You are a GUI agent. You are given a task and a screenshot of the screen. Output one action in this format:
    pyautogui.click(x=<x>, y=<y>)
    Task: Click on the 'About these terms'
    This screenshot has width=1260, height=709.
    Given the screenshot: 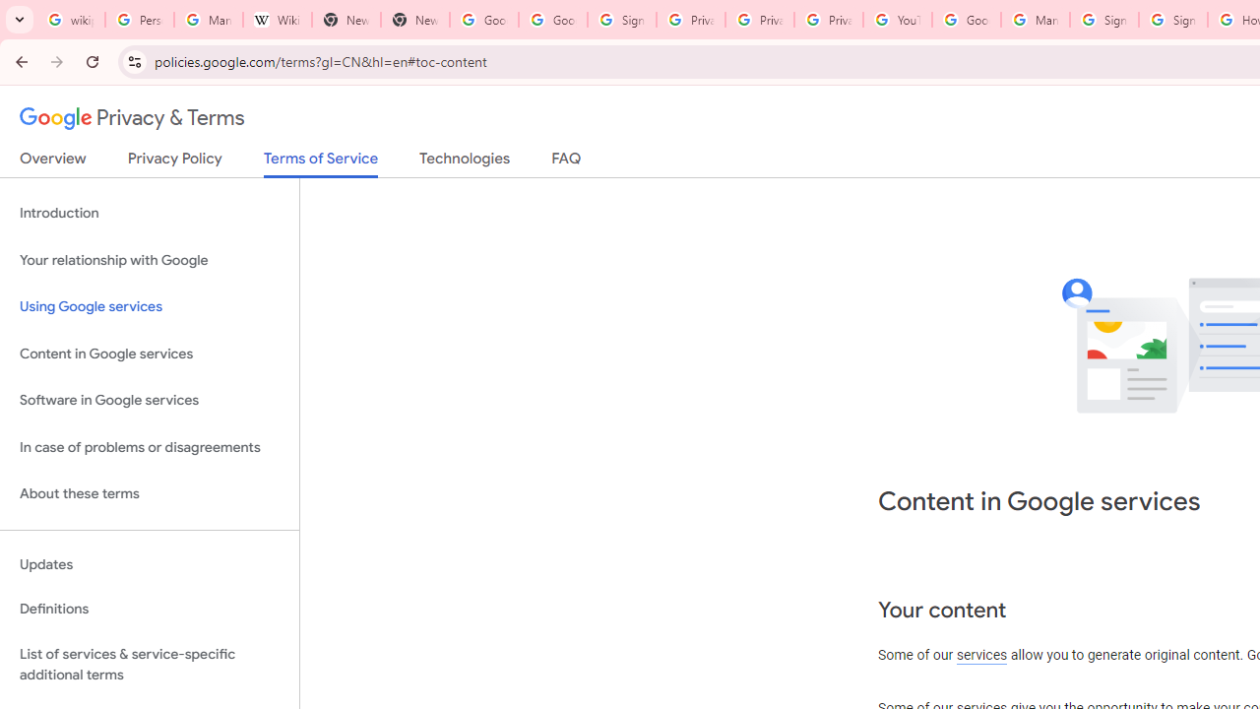 What is the action you would take?
    pyautogui.click(x=149, y=493)
    